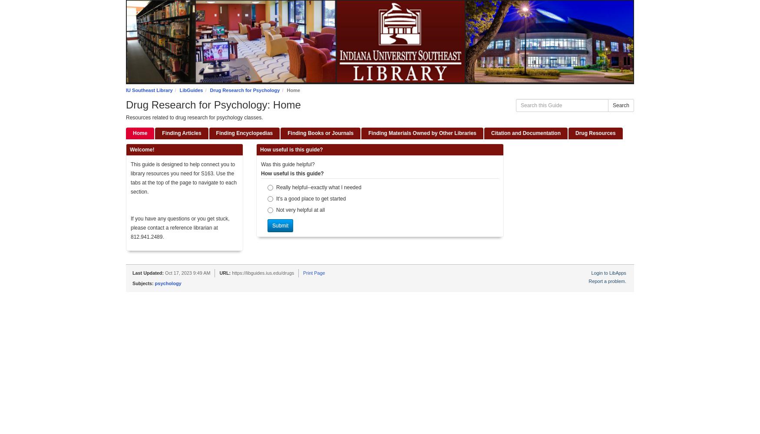 Image resolution: width=760 pixels, height=434 pixels. Describe the element at coordinates (179, 228) in the screenshot. I see `'If you have any questions or you get stuck, please contact a reference librarian at 812.941.2489.'` at that location.